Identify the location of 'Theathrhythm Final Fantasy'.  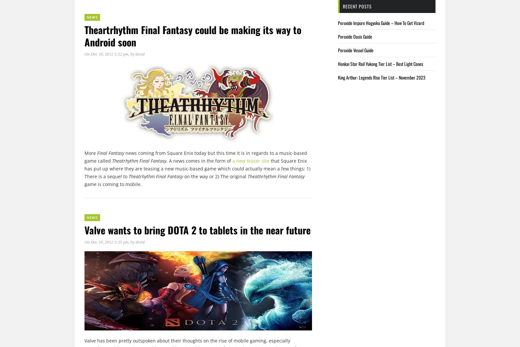
(275, 176).